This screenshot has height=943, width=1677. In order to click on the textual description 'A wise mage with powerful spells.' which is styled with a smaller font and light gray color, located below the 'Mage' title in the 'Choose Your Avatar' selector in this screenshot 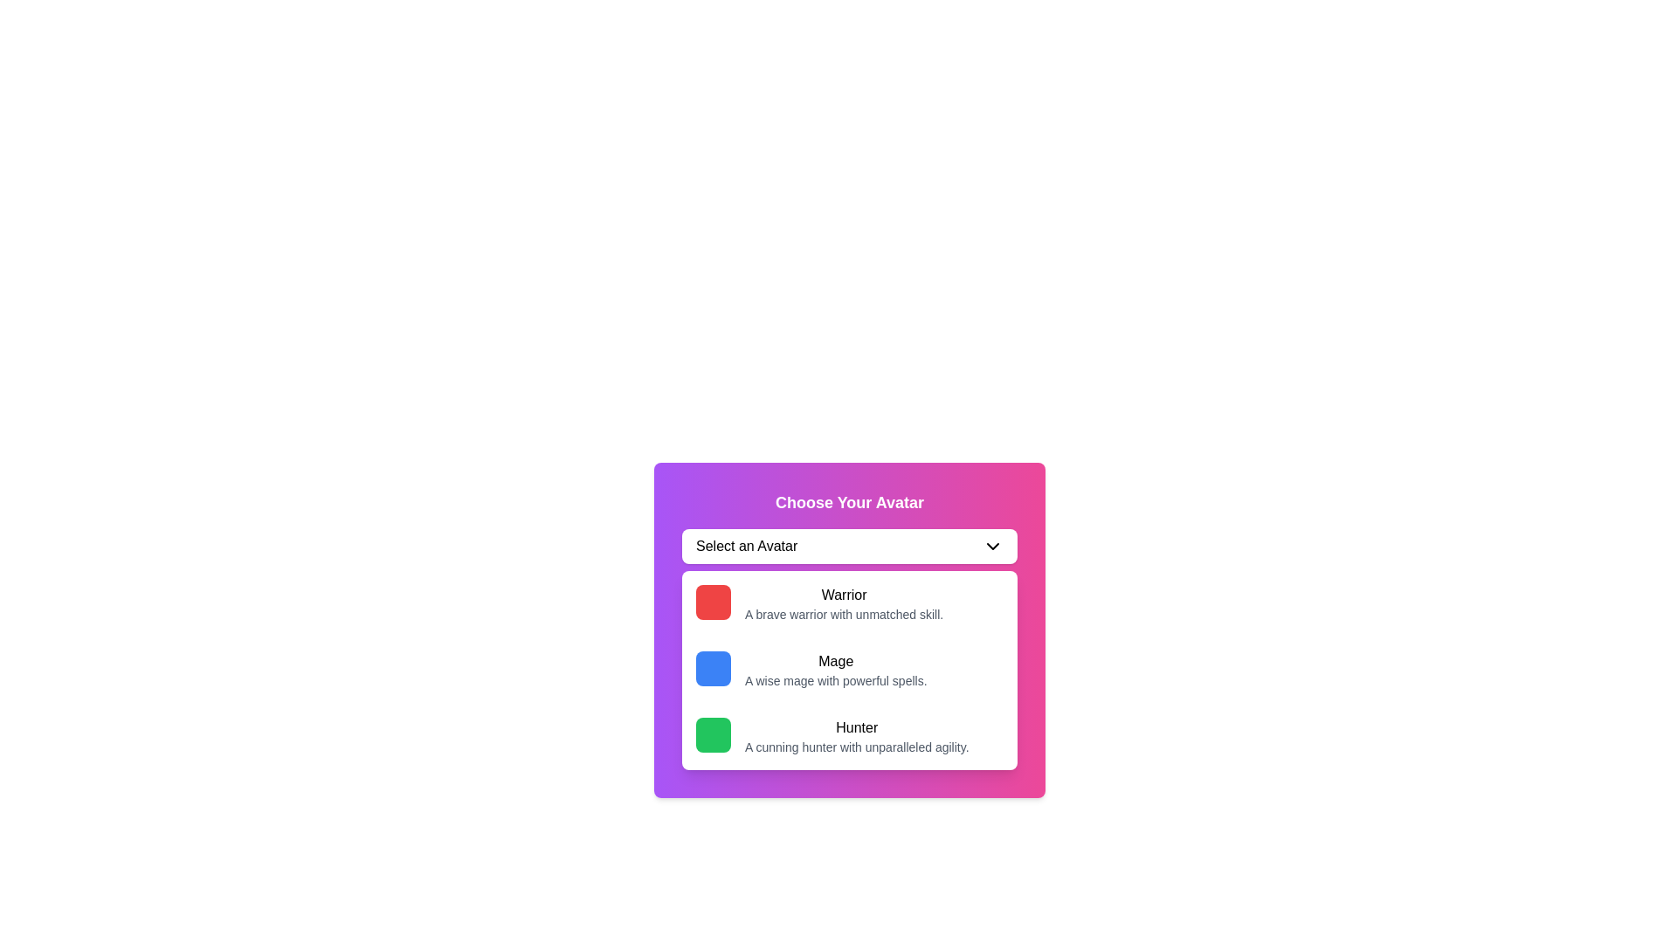, I will do `click(835, 679)`.